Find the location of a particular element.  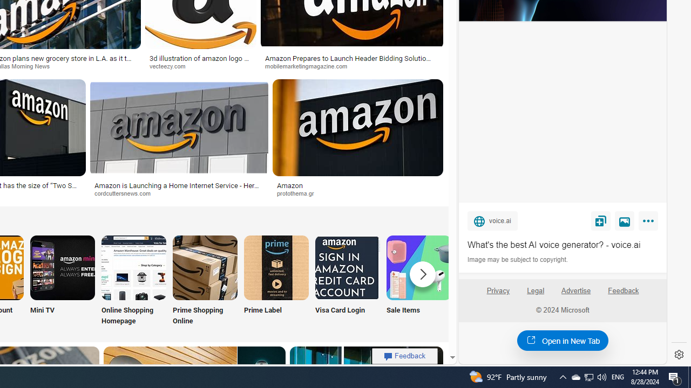

'Amazon Mini TV Mini TV' is located at coordinates (62, 281).